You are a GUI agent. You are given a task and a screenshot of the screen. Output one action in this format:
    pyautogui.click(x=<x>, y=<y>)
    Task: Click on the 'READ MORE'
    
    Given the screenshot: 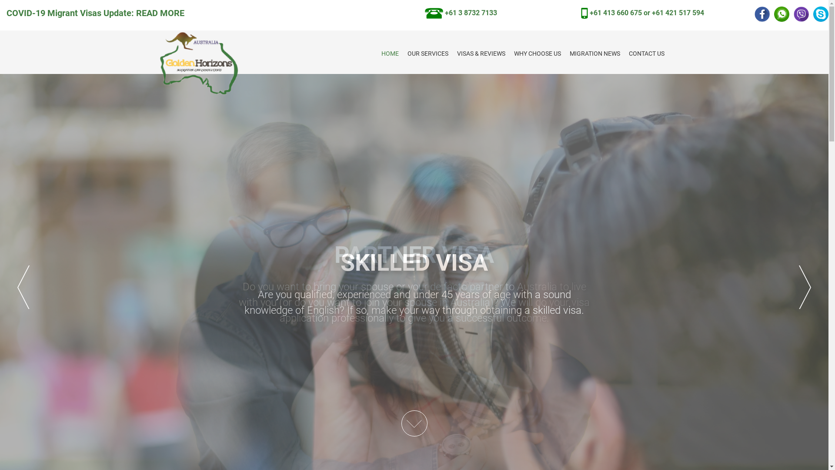 What is the action you would take?
    pyautogui.click(x=160, y=13)
    